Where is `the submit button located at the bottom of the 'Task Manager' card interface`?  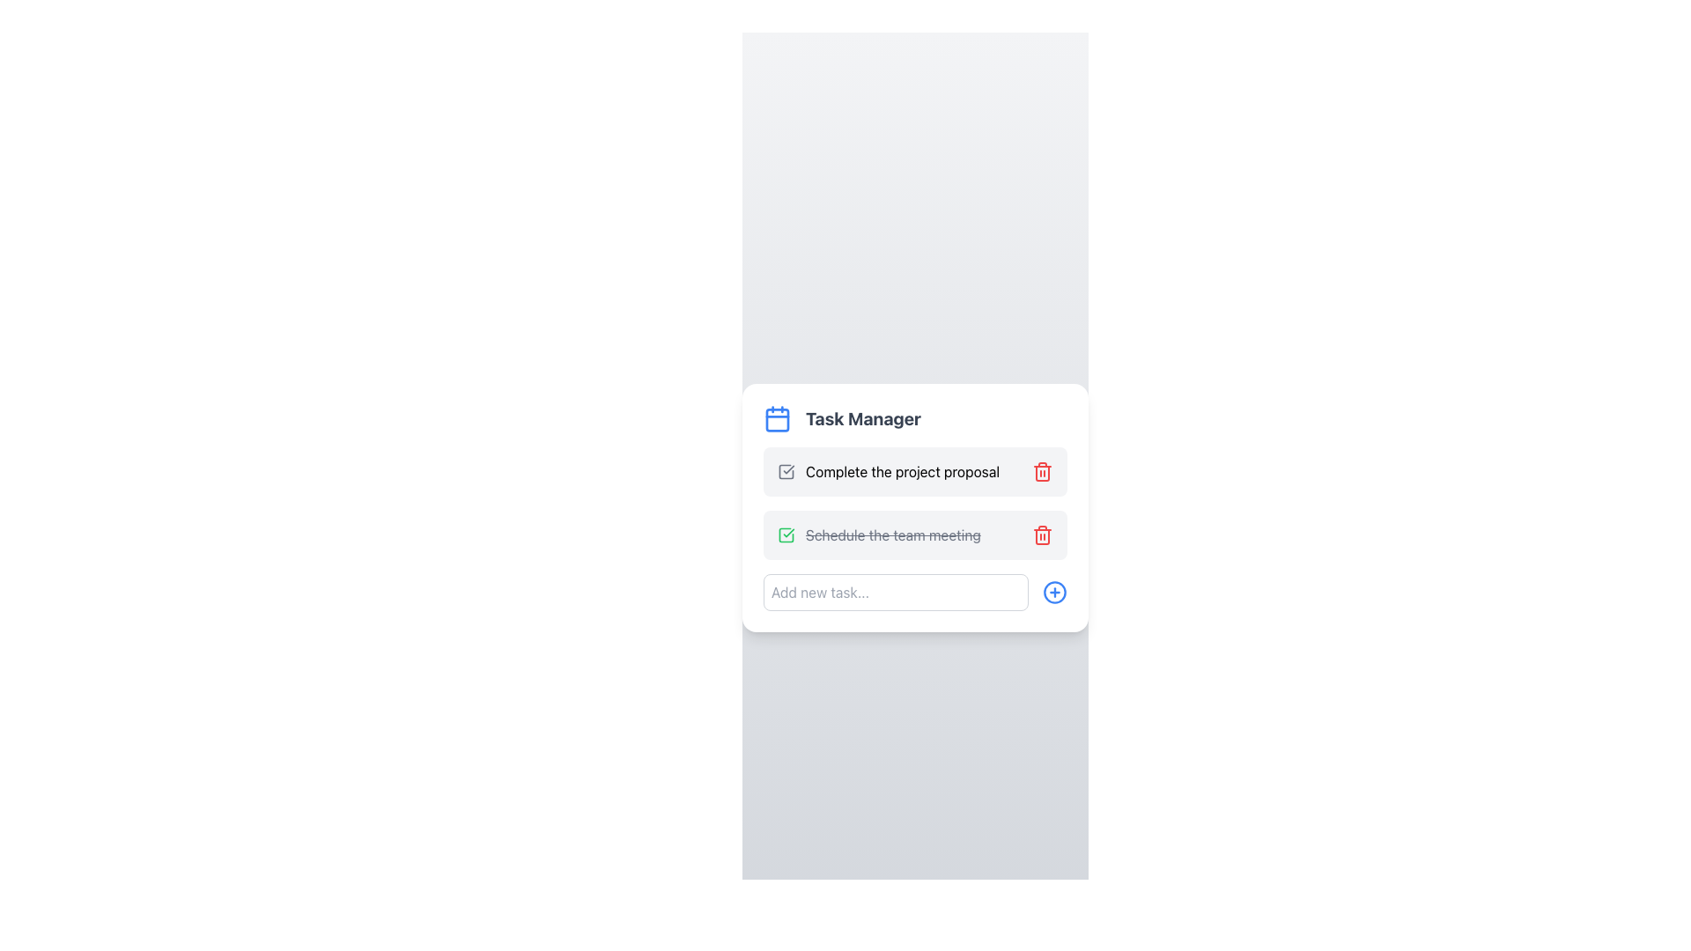
the submit button located at the bottom of the 'Task Manager' card interface is located at coordinates (915, 592).